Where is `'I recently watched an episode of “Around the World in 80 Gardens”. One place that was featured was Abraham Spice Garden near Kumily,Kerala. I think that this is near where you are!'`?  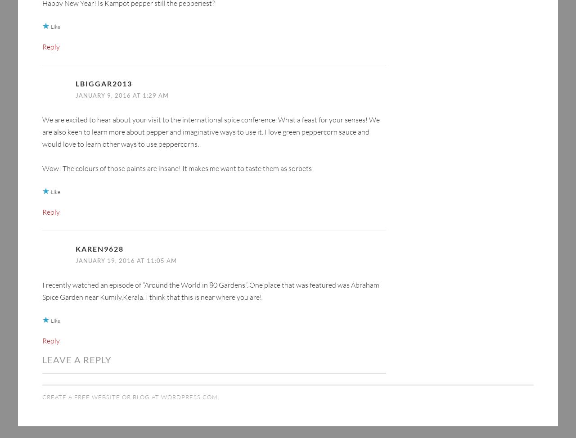
'I recently watched an episode of “Around the World in 80 Gardens”. One place that was featured was Abraham Spice Garden near Kumily,Kerala. I think that this is near where you are!' is located at coordinates (210, 276).